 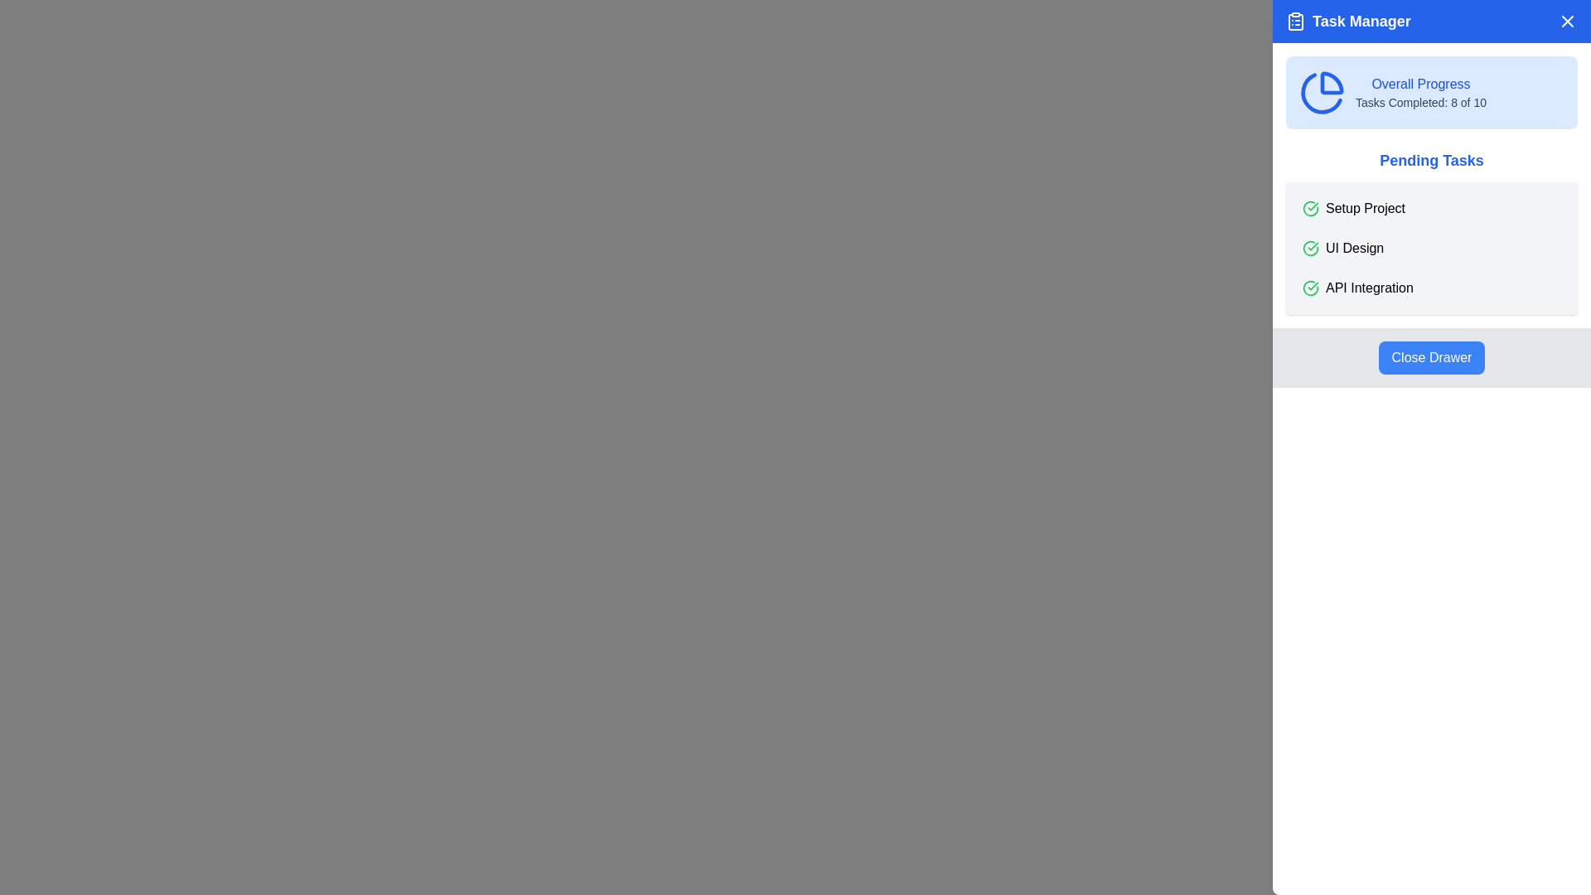 What do you see at coordinates (1355, 249) in the screenshot?
I see `the 'UI Design' text label, which is the second entry in a vertical list of tasks, styled in black text with a green checkmark icon to its left` at bounding box center [1355, 249].